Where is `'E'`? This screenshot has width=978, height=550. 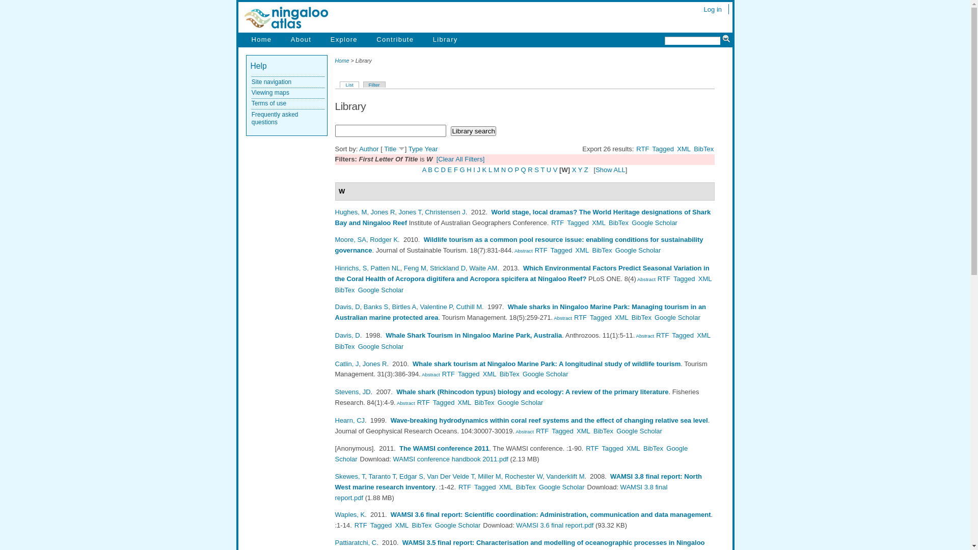
'E' is located at coordinates (449, 169).